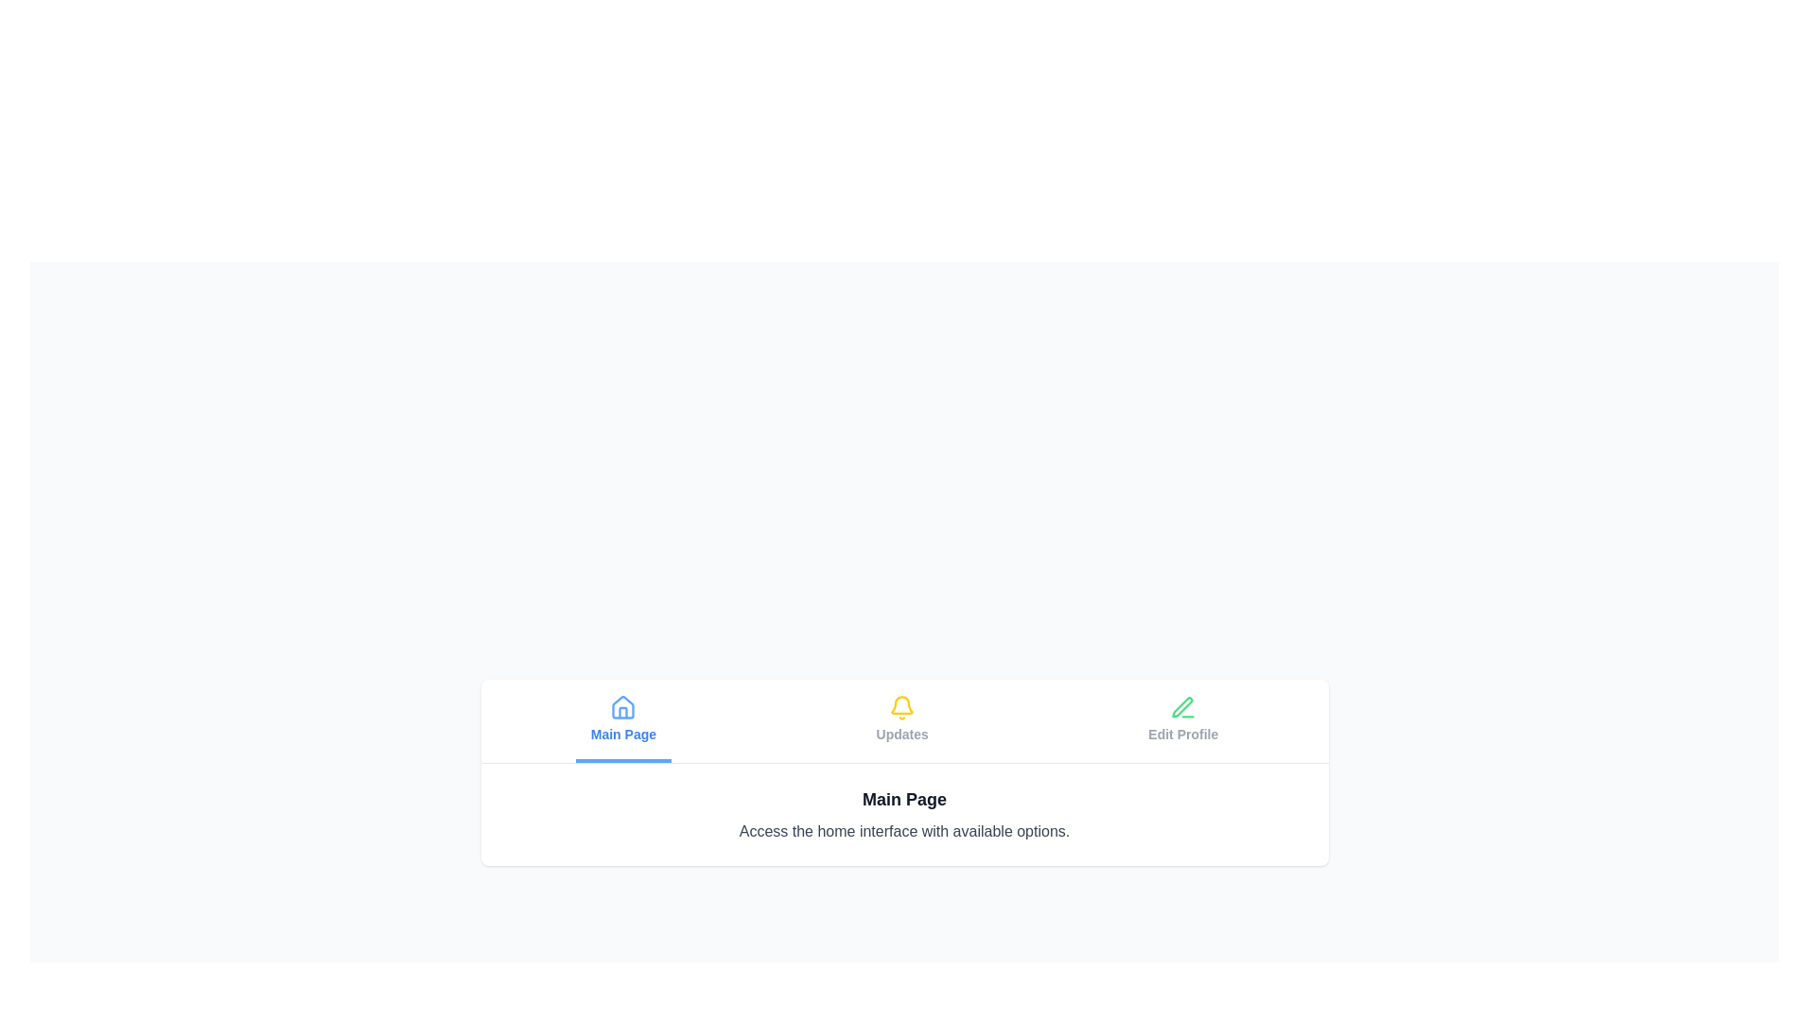 Image resolution: width=1816 pixels, height=1021 pixels. Describe the element at coordinates (1182, 720) in the screenshot. I see `the tab corresponding to Edit Profile to select it` at that location.